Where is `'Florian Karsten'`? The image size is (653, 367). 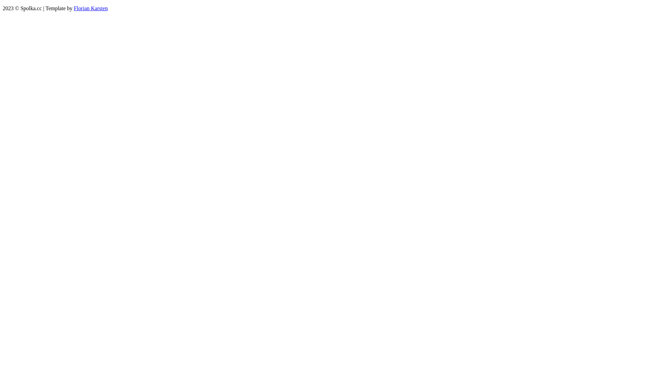
'Florian Karsten' is located at coordinates (73, 8).